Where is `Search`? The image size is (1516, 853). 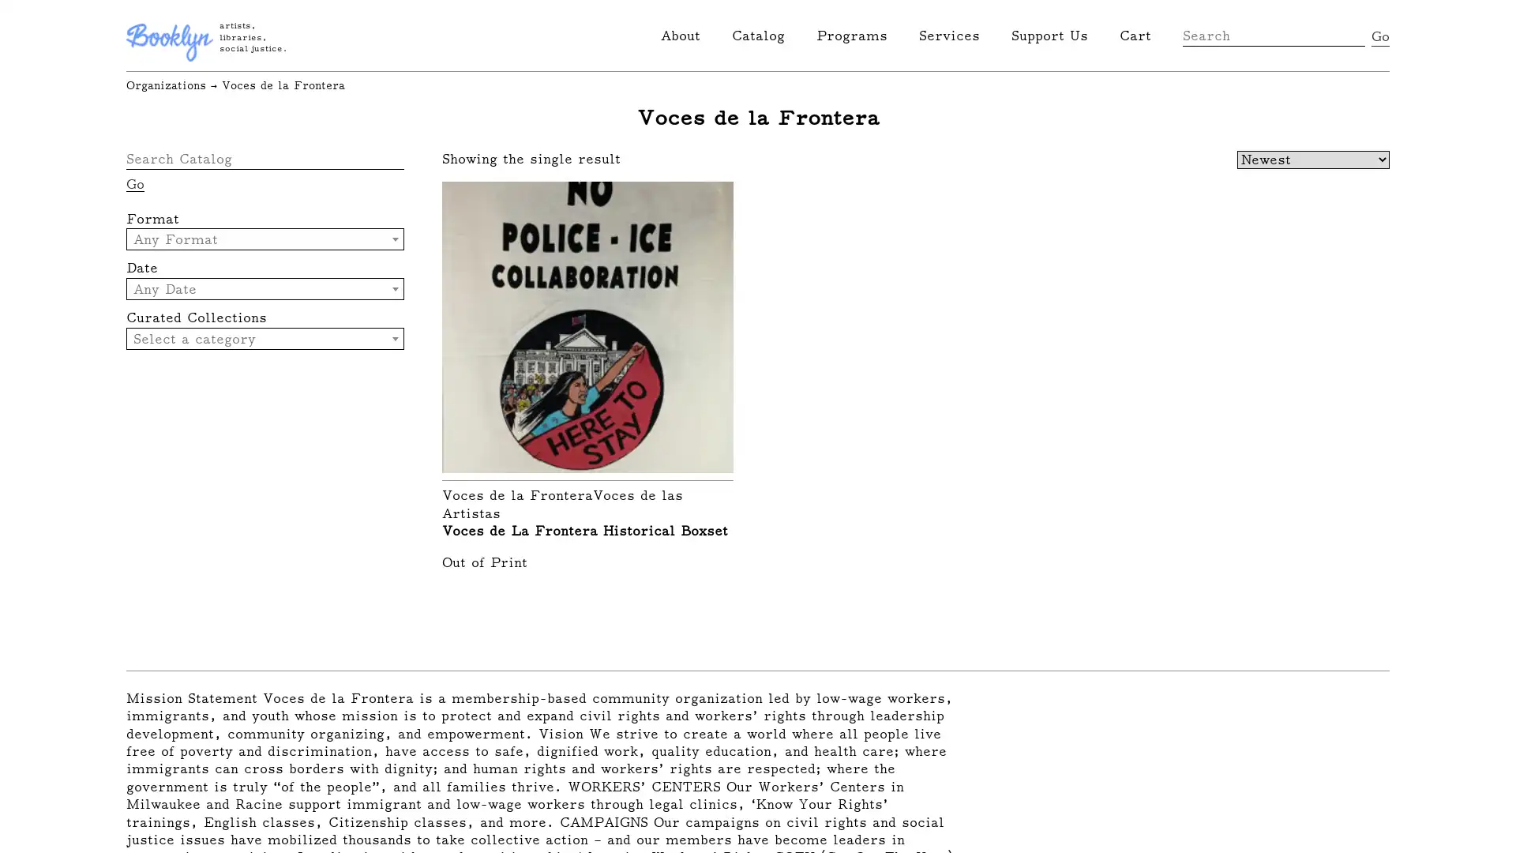 Search is located at coordinates (1379, 36).